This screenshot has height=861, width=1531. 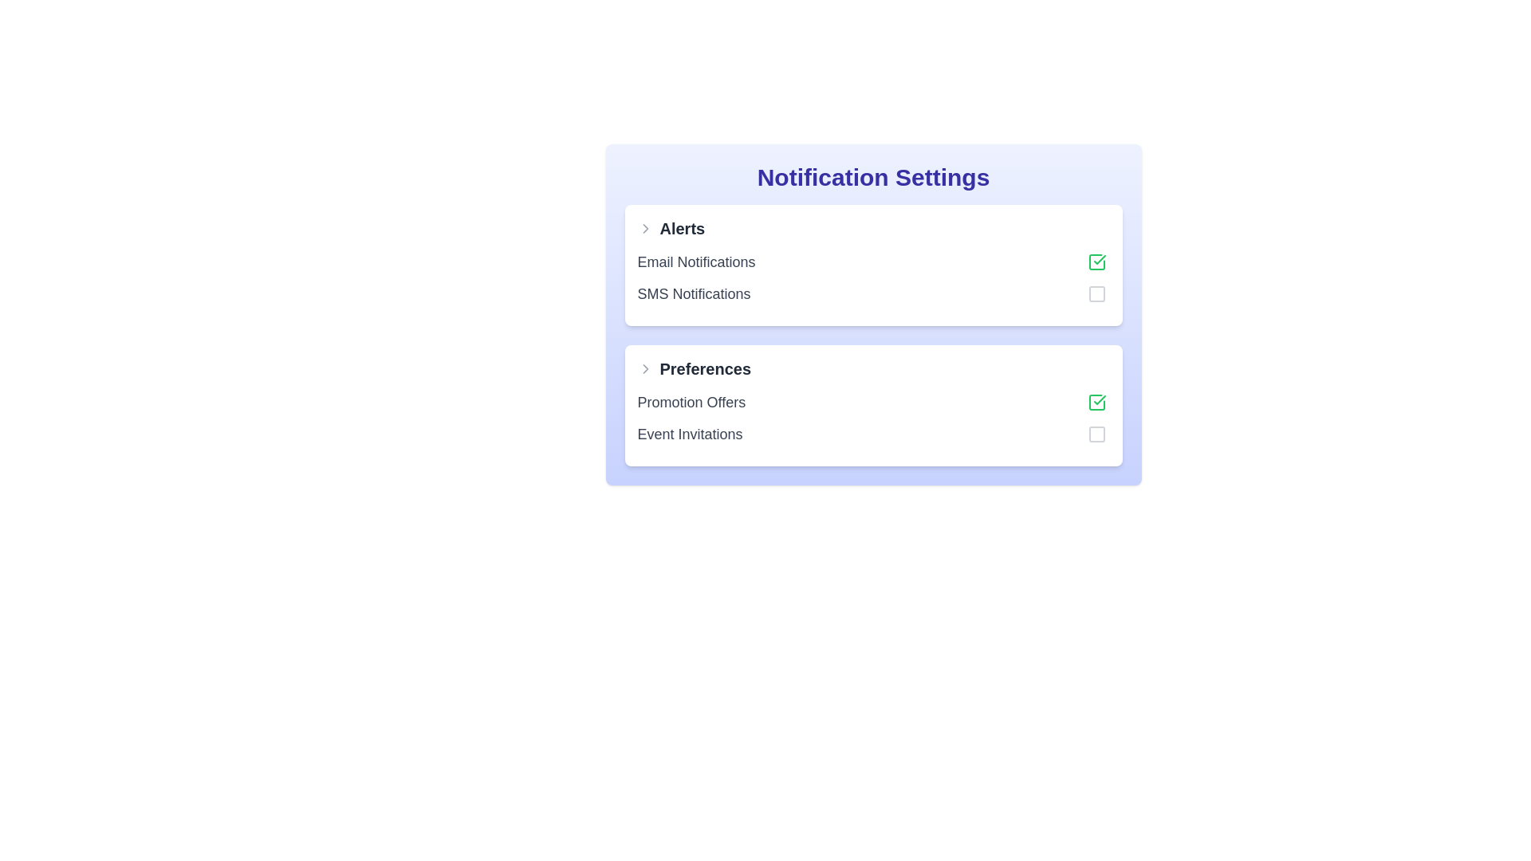 What do you see at coordinates (691, 402) in the screenshot?
I see `the 'Promotion Offers' text label located in the 'Preferences' section, which is above 'Event Invitations' and to the left of an interactive checkbox` at bounding box center [691, 402].